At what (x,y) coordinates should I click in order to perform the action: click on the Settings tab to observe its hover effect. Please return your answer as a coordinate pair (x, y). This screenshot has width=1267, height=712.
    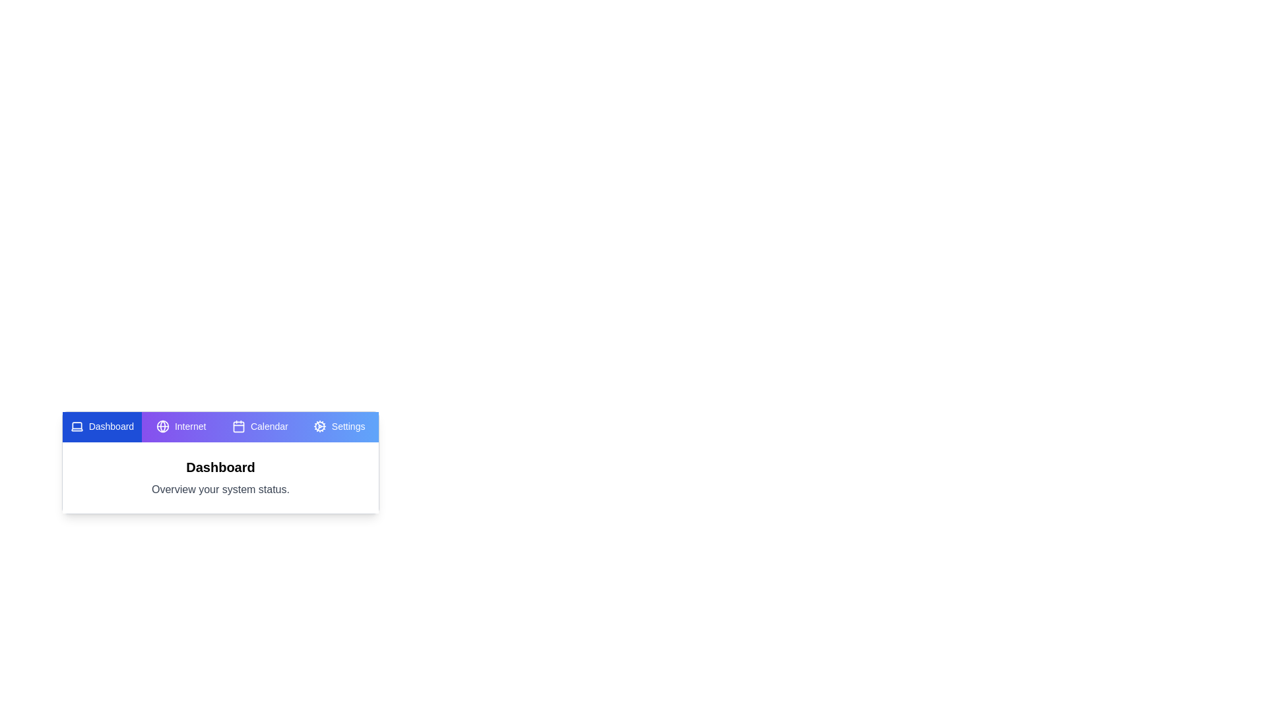
    Looking at the image, I should click on (339, 427).